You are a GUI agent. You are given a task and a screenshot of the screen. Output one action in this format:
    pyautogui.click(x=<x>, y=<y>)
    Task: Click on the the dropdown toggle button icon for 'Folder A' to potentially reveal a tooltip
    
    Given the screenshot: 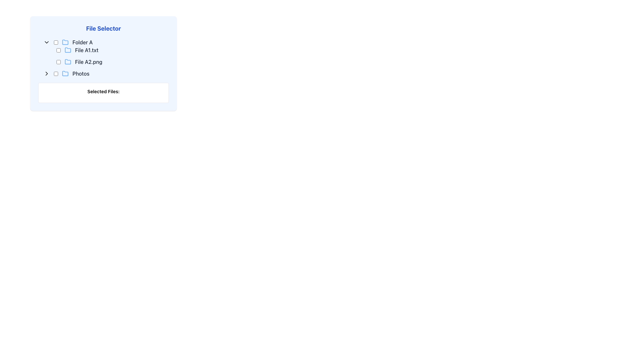 What is the action you would take?
    pyautogui.click(x=46, y=42)
    